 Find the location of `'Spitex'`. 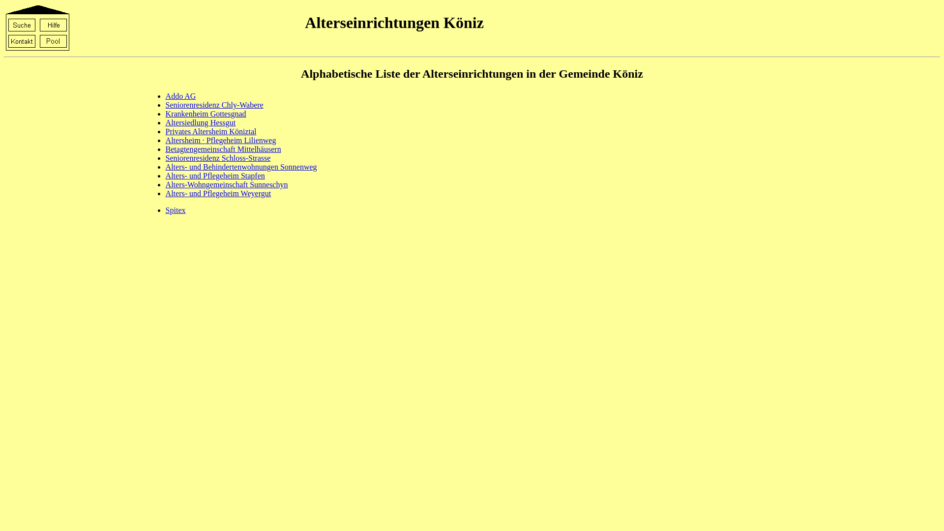

'Spitex' is located at coordinates (165, 209).